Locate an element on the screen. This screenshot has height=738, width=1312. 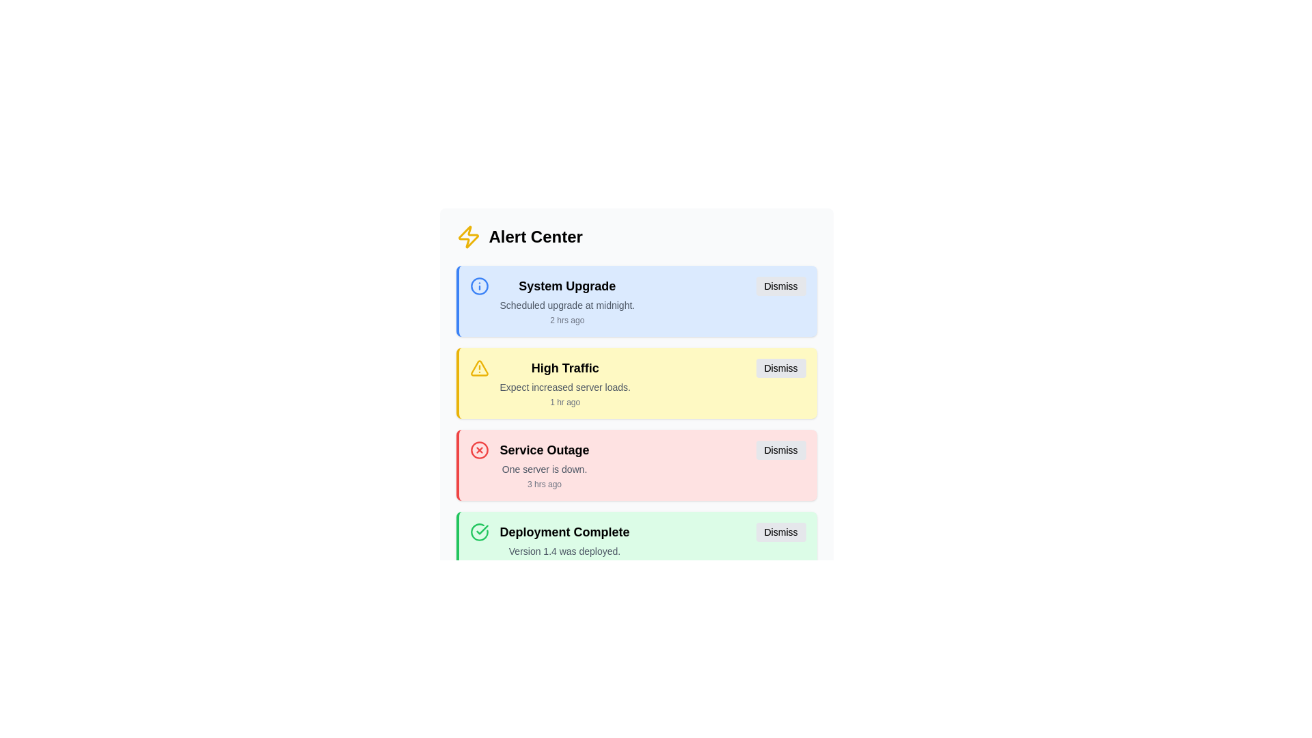
the fourth notification in the list, which informs the user about the completion of a deployment is located at coordinates (635, 547).